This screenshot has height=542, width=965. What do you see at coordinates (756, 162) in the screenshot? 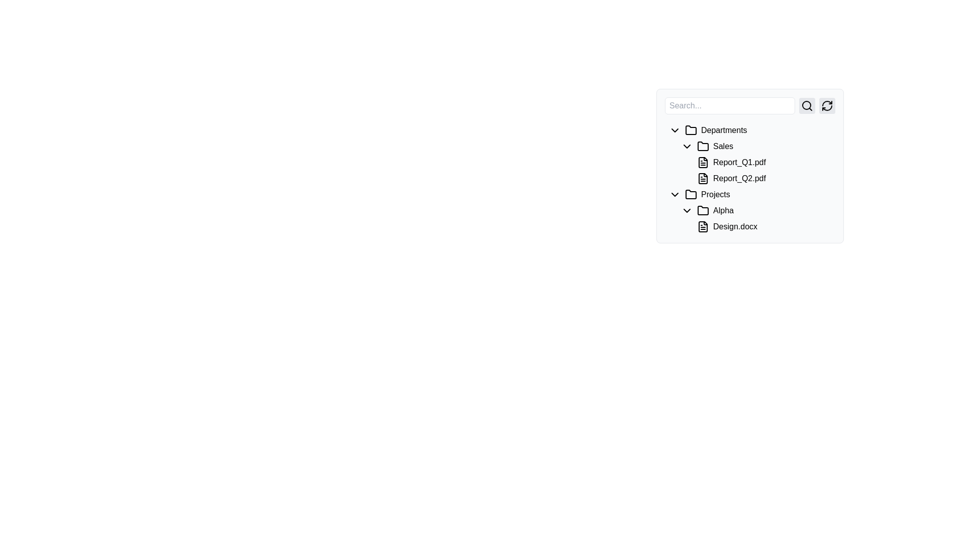
I see `to select the second file in the 'Sales' section, labeled 'Report_Q2.pdf'` at bounding box center [756, 162].